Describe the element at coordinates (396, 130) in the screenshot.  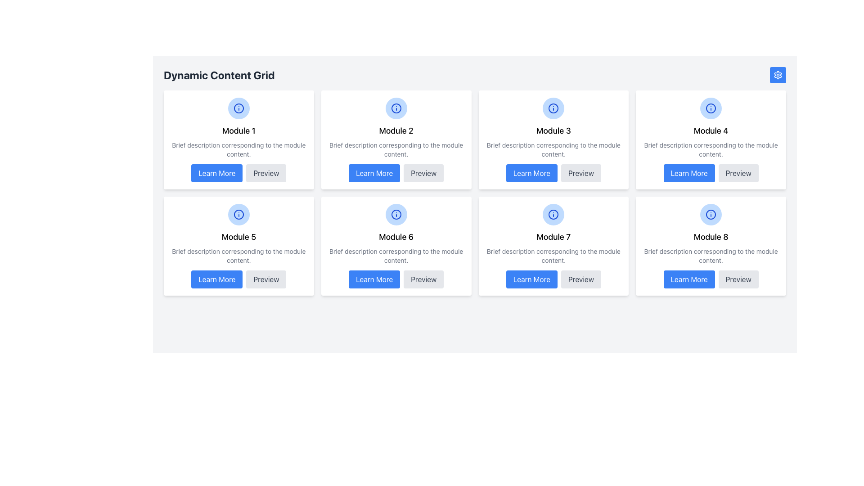
I see `the 'Module 2' text label, which is displayed in a medium-sized, bold font and is positioned above action buttons within the second card of the first row in a grid layout` at that location.